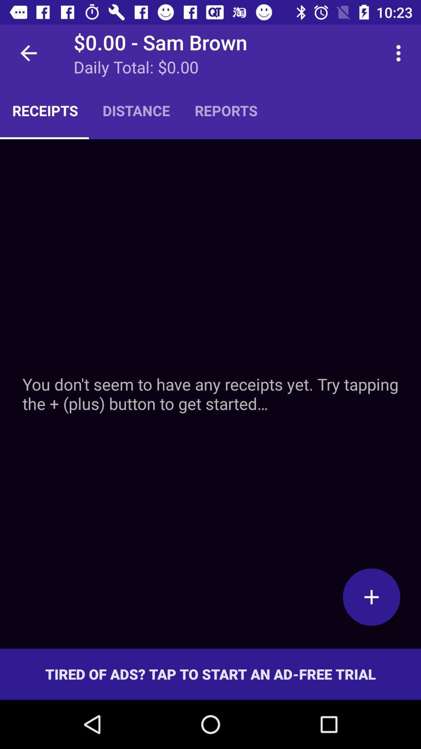  I want to click on icon to the right of reports, so click(400, 53).